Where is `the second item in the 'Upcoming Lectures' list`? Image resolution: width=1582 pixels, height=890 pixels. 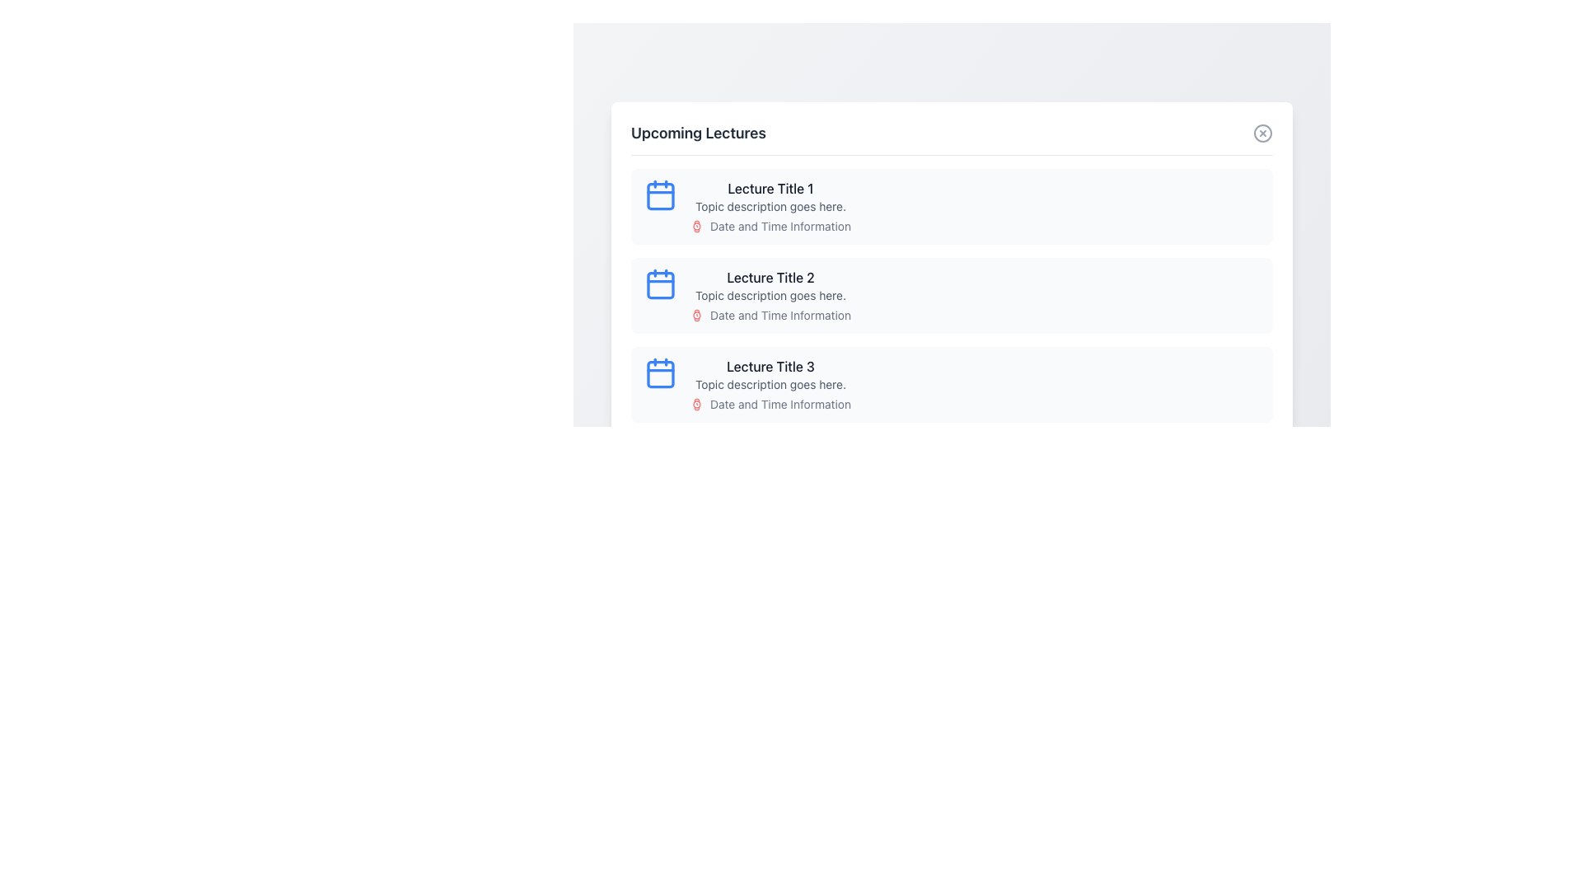 the second item in the 'Upcoming Lectures' list is located at coordinates (952, 294).